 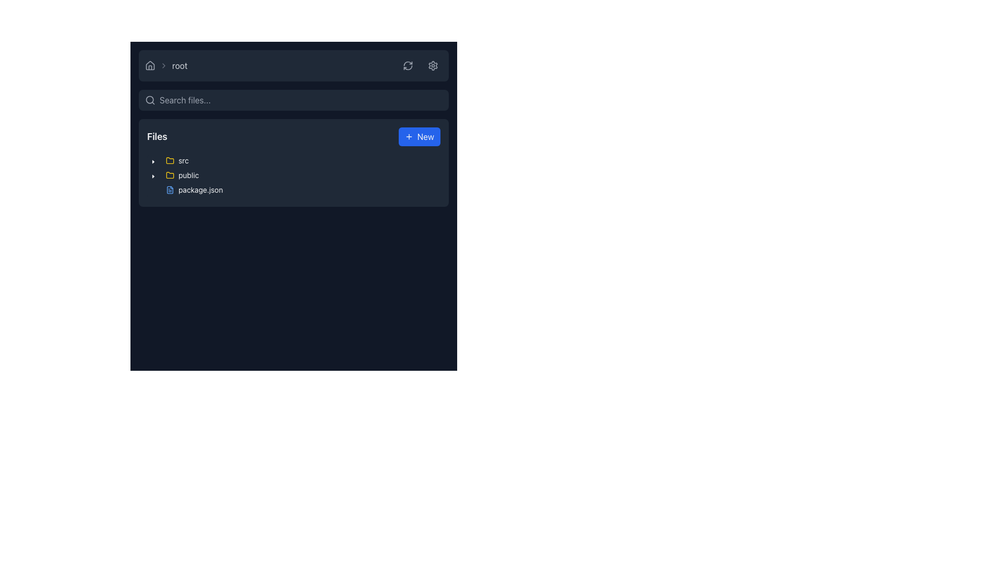 What do you see at coordinates (150, 100) in the screenshot?
I see `the gray magnifying glass icon located to the left of the search input field` at bounding box center [150, 100].